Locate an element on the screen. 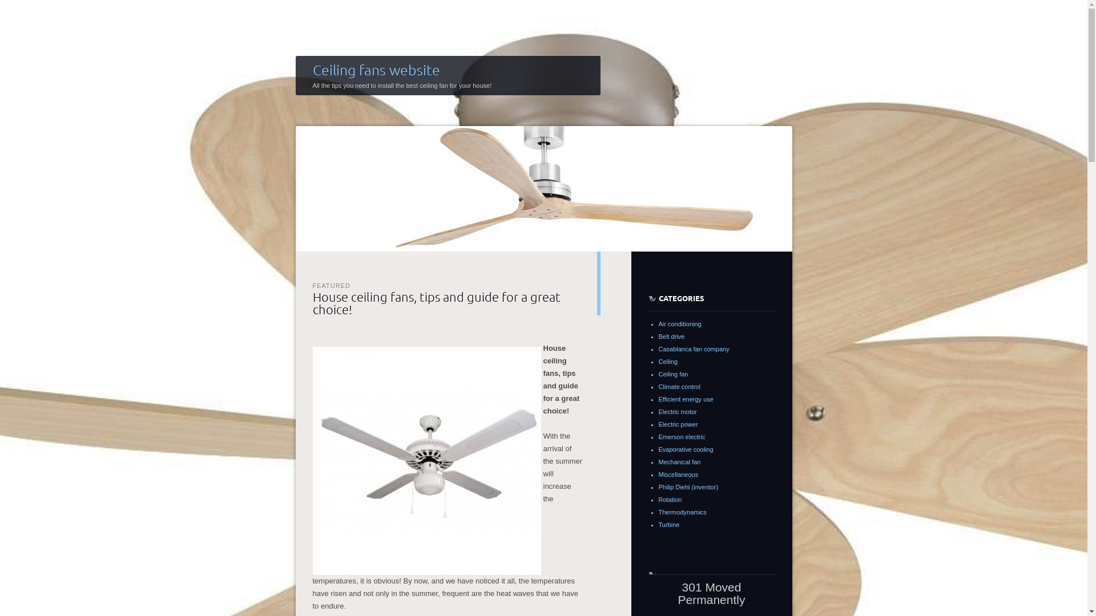  'Ceiling fans website' is located at coordinates (376, 70).